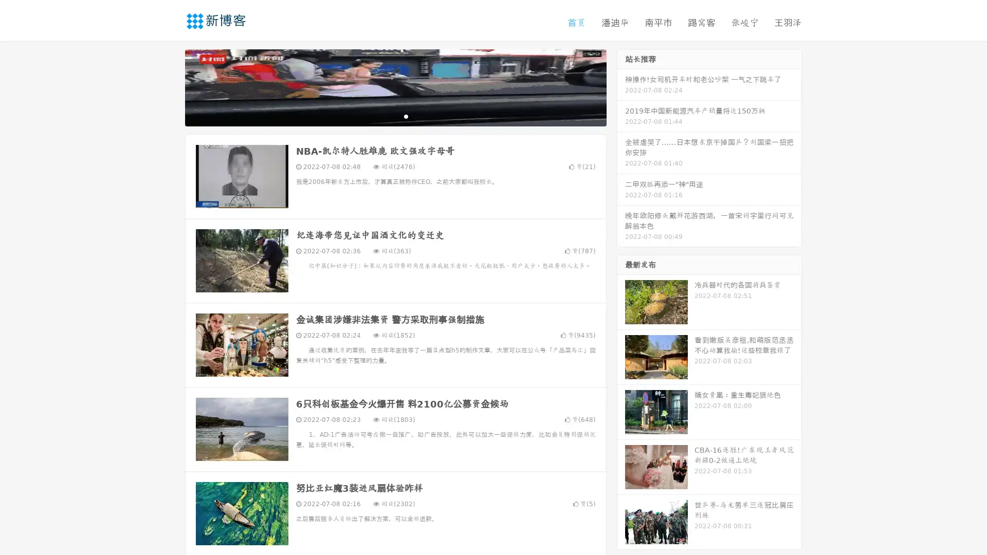  Describe the element at coordinates (170, 86) in the screenshot. I see `Previous slide` at that location.